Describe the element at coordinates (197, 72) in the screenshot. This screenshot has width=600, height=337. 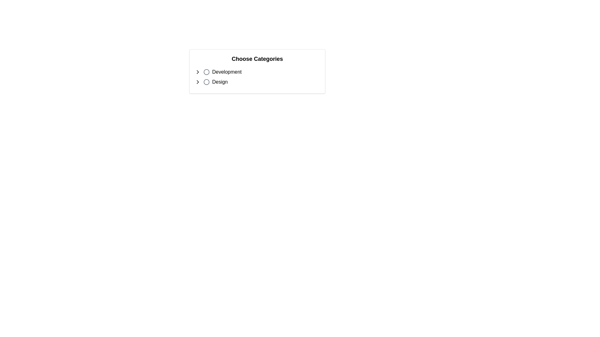
I see `the expandable control button located on the far left of the 'Development' category` at that location.